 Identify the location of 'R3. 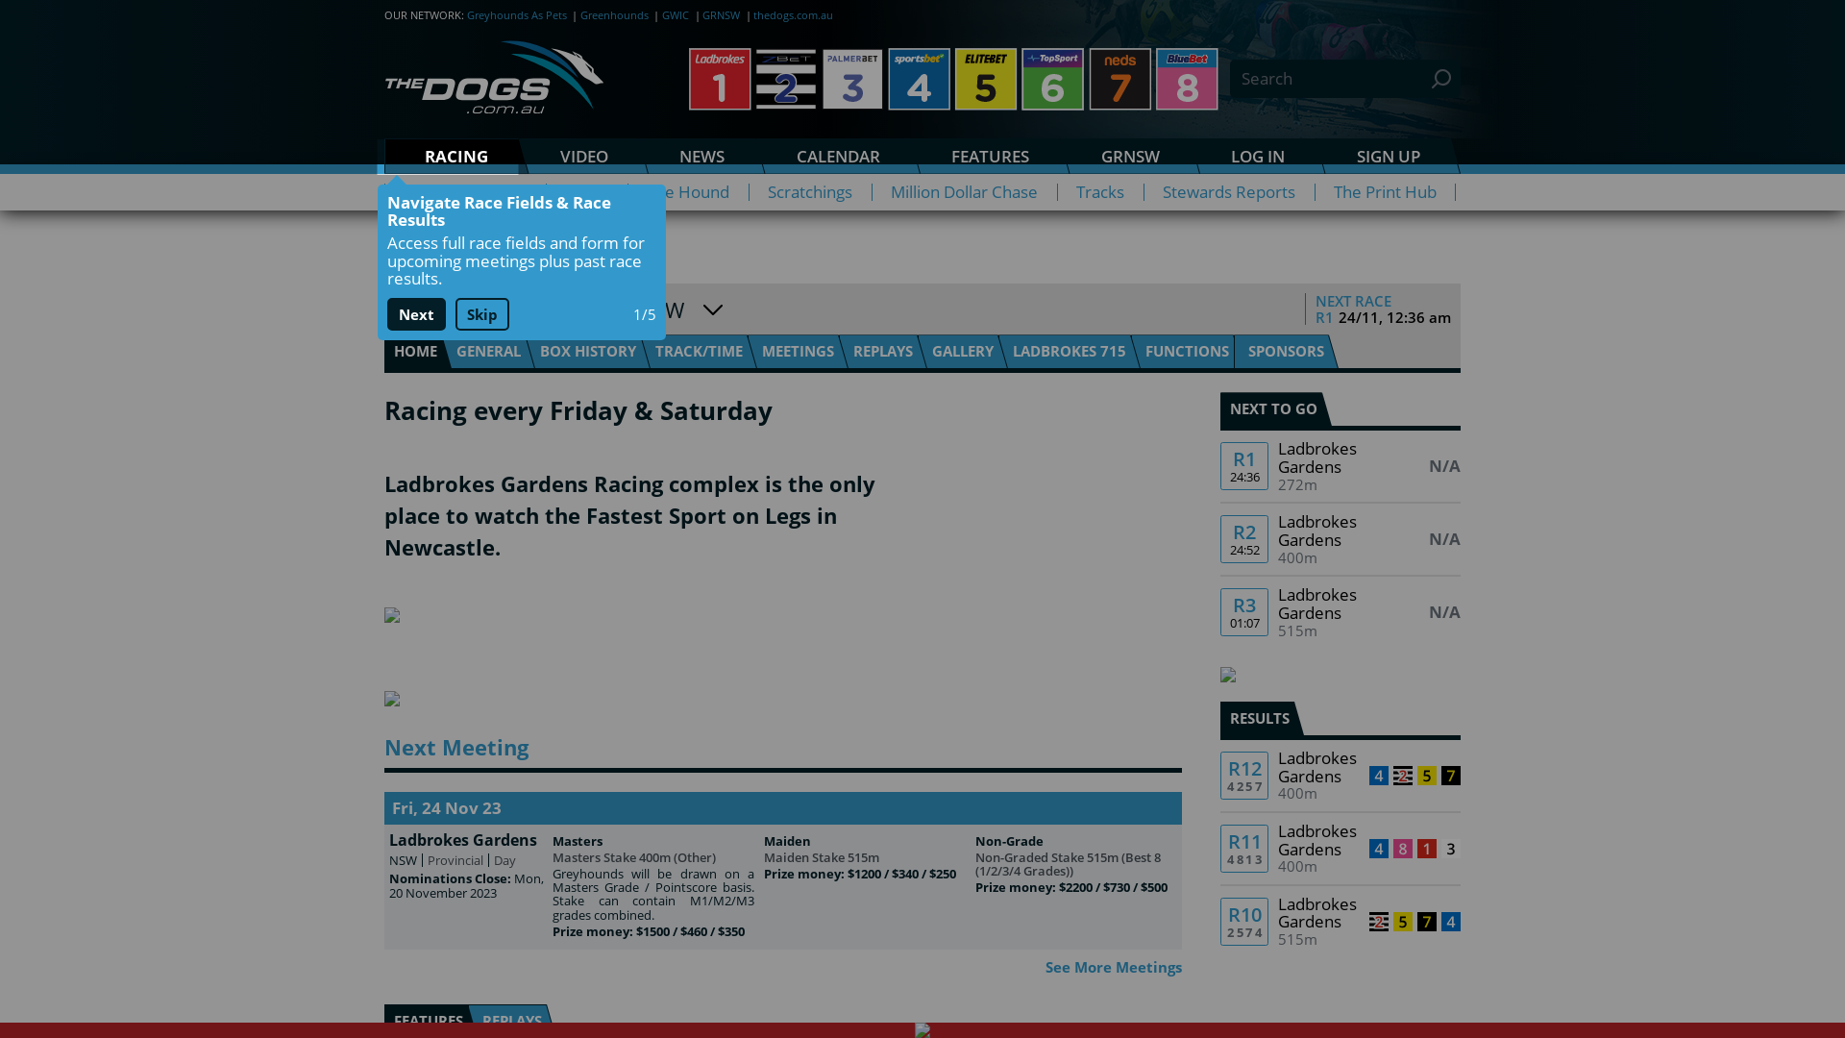
(1340, 611).